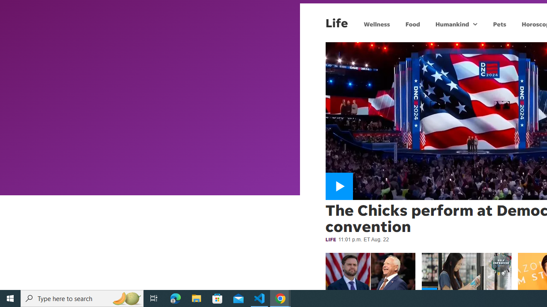 This screenshot has width=547, height=307. Describe the element at coordinates (82, 298) in the screenshot. I see `'Type here to search'` at that location.